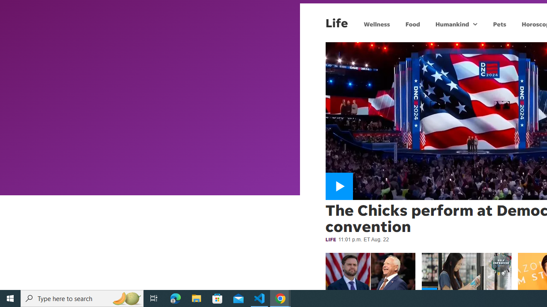 This screenshot has width=547, height=307. Describe the element at coordinates (82, 298) in the screenshot. I see `'Type here to search'` at that location.